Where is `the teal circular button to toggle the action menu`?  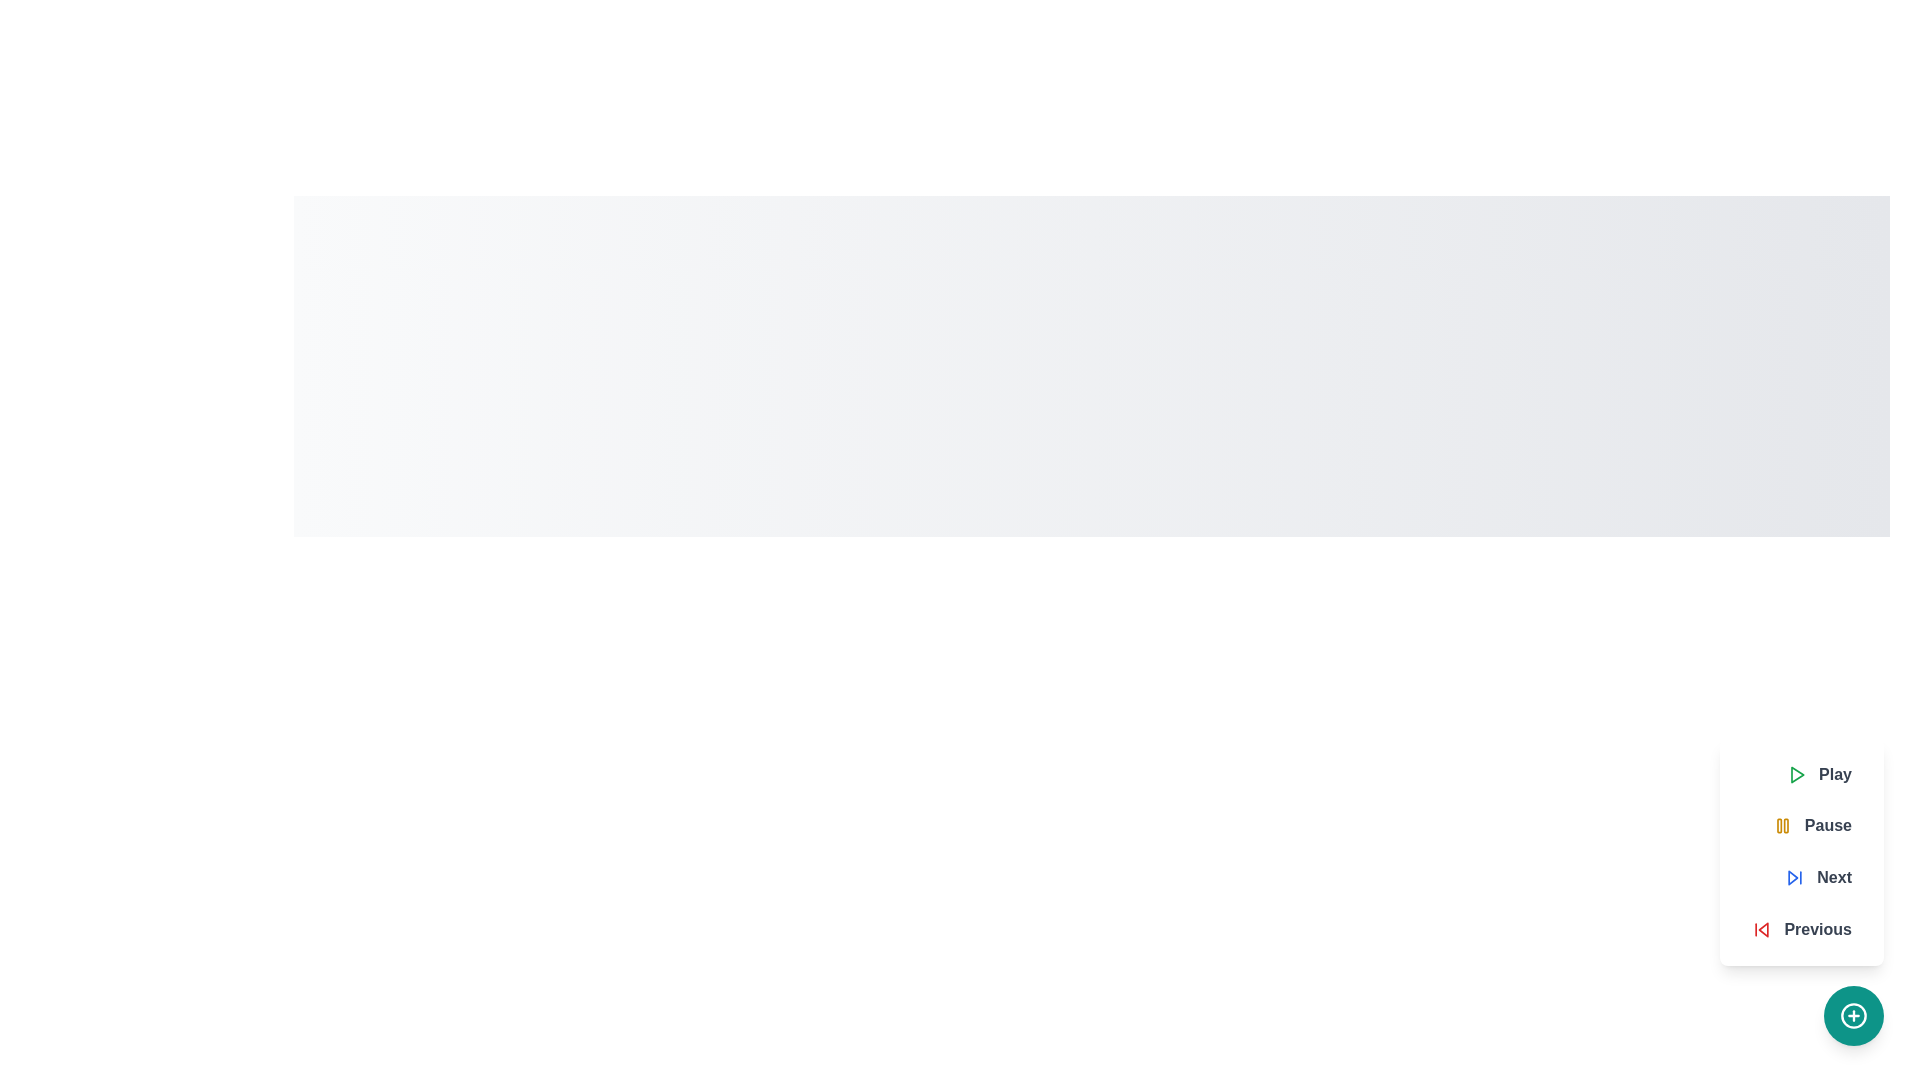 the teal circular button to toggle the action menu is located at coordinates (1852, 1016).